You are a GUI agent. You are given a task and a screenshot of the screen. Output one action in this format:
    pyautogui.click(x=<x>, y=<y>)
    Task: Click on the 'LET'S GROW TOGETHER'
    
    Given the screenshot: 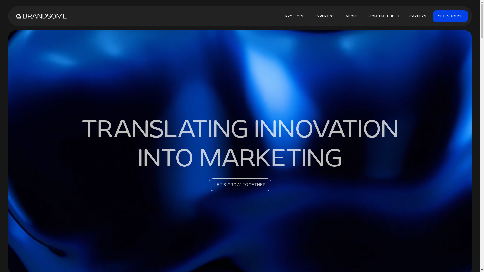 What is the action you would take?
    pyautogui.click(x=209, y=184)
    